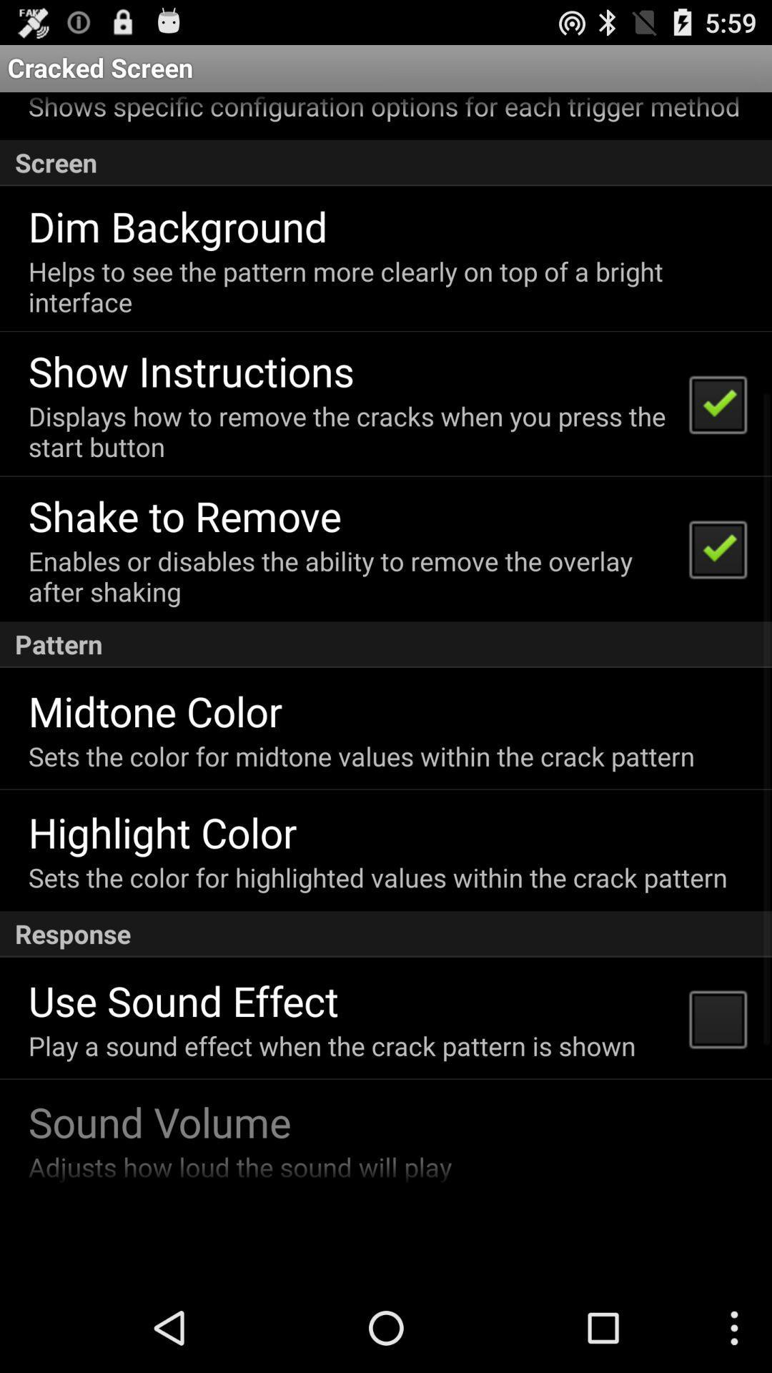 Image resolution: width=772 pixels, height=1373 pixels. I want to click on the item below screen icon, so click(177, 225).